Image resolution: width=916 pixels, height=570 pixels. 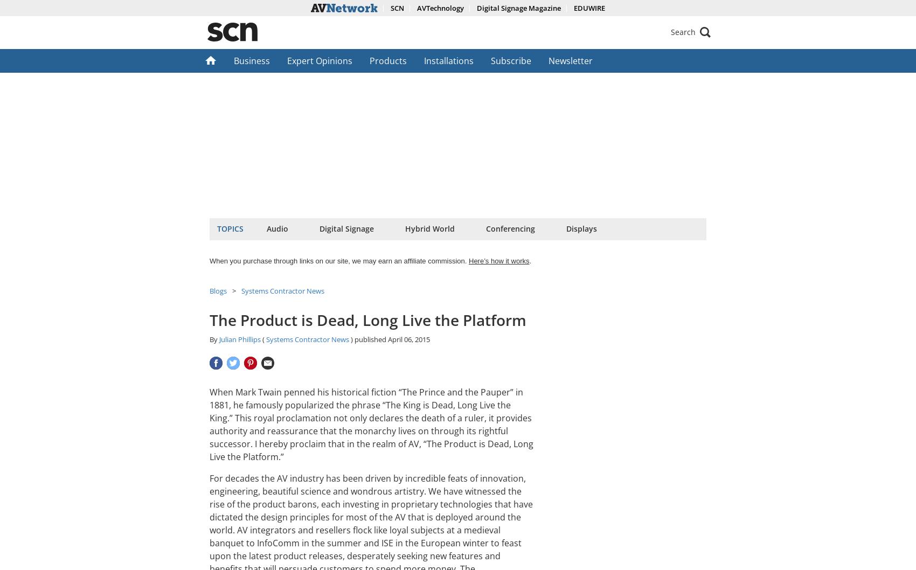 What do you see at coordinates (415, 8) in the screenshot?
I see `'AVTechnology'` at bounding box center [415, 8].